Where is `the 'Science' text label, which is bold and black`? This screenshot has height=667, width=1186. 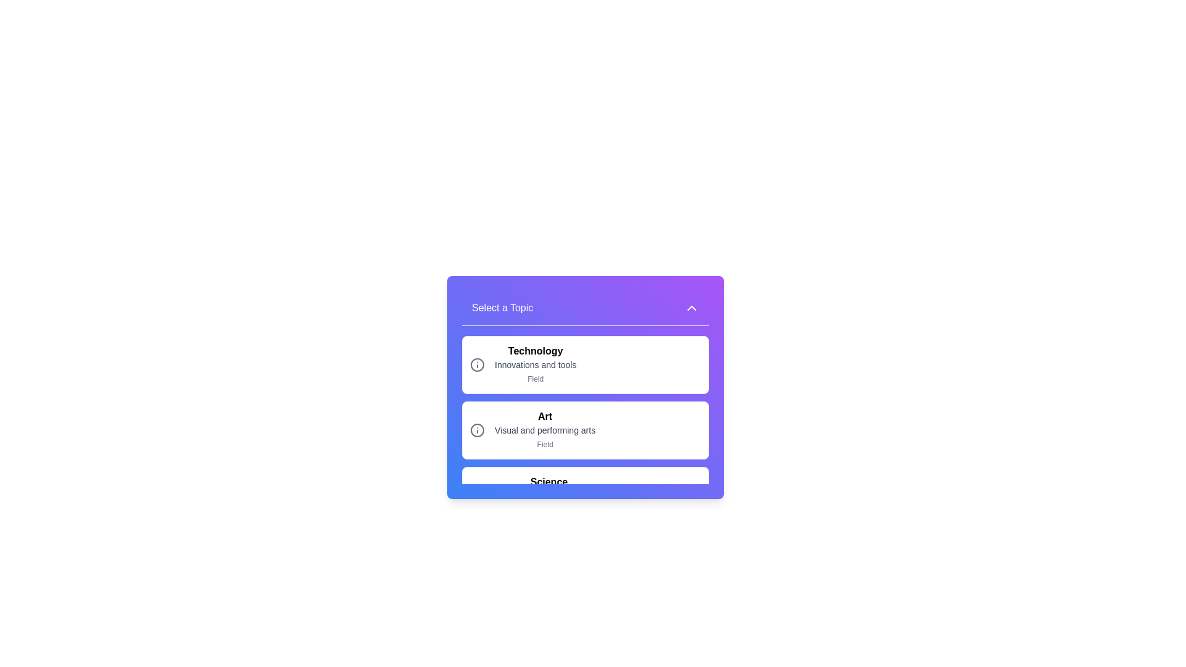
the 'Science' text label, which is bold and black is located at coordinates (548, 481).